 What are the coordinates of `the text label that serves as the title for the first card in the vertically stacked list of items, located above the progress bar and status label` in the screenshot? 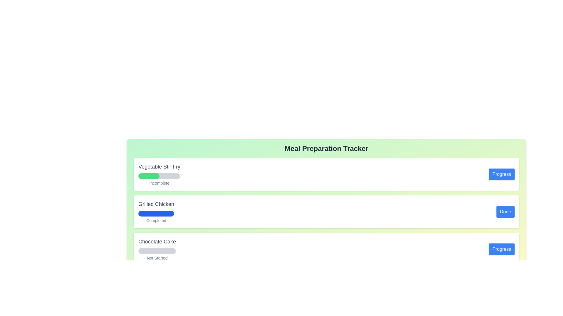 It's located at (159, 167).